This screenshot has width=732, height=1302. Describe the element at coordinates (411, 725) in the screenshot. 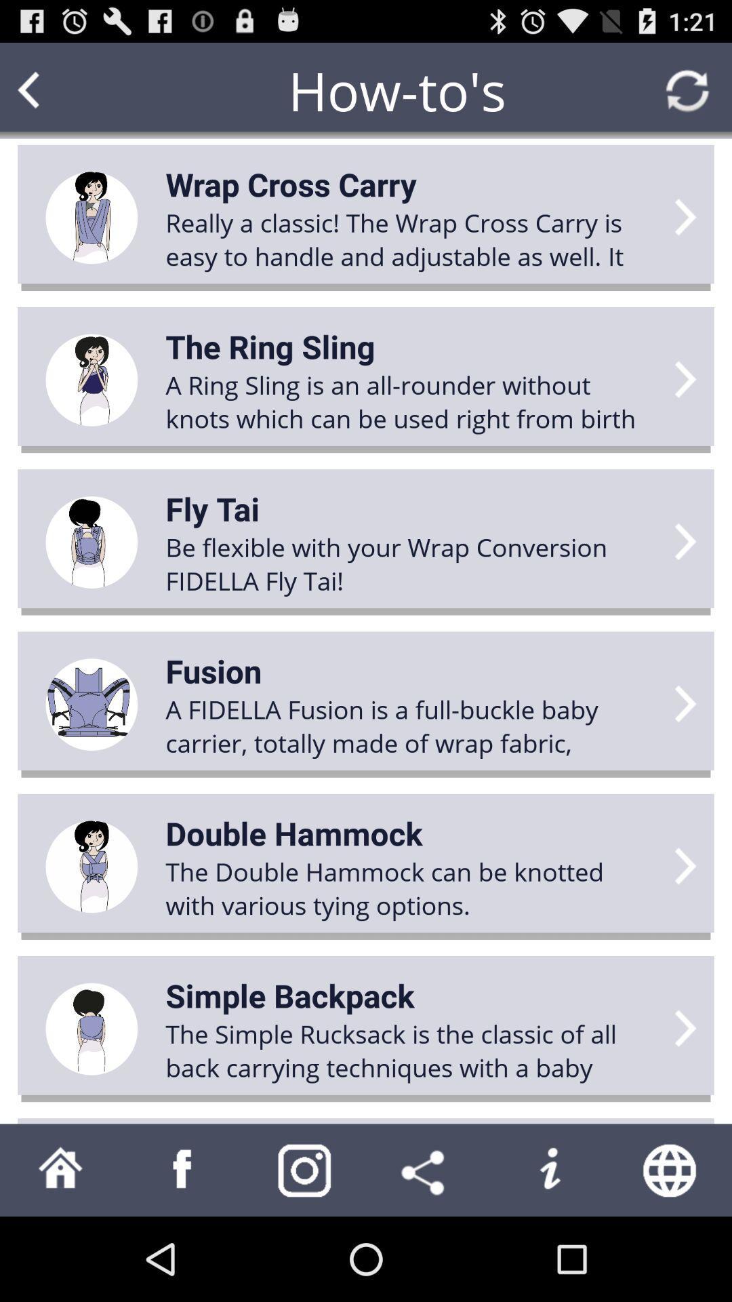

I see `the icon above the double hammock` at that location.